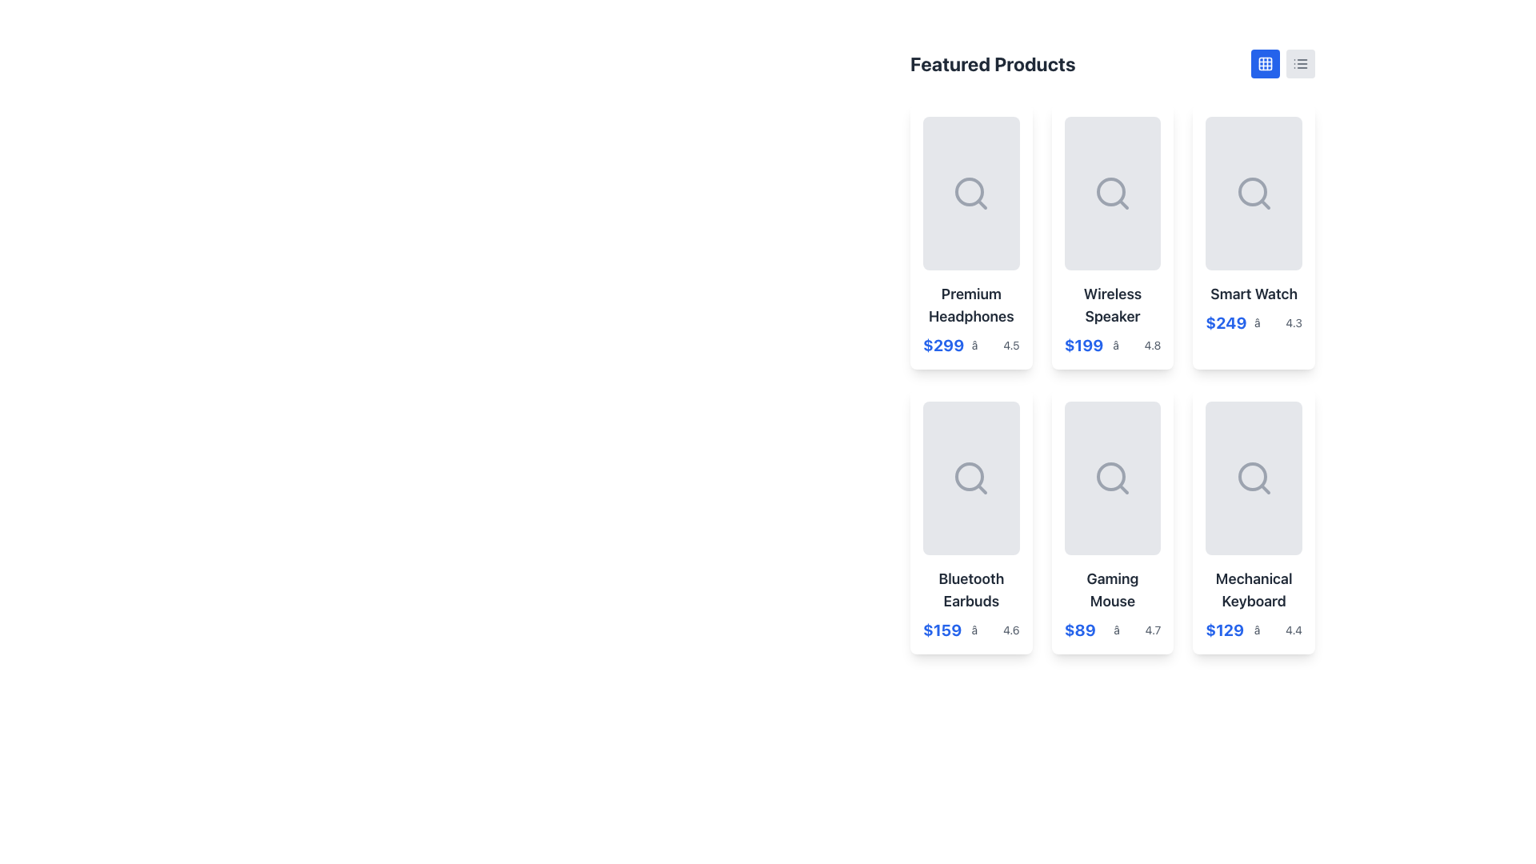 The width and height of the screenshot is (1536, 864). Describe the element at coordinates (993, 237) in the screenshot. I see `the circular button with a white background and a red heart icon` at that location.